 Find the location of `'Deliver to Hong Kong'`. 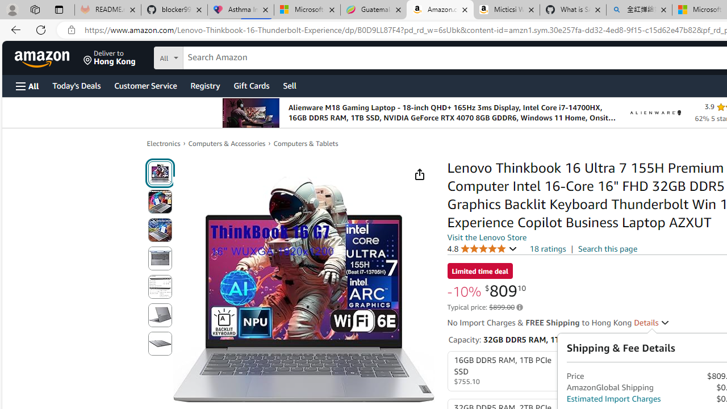

'Deliver to Hong Kong' is located at coordinates (110, 57).